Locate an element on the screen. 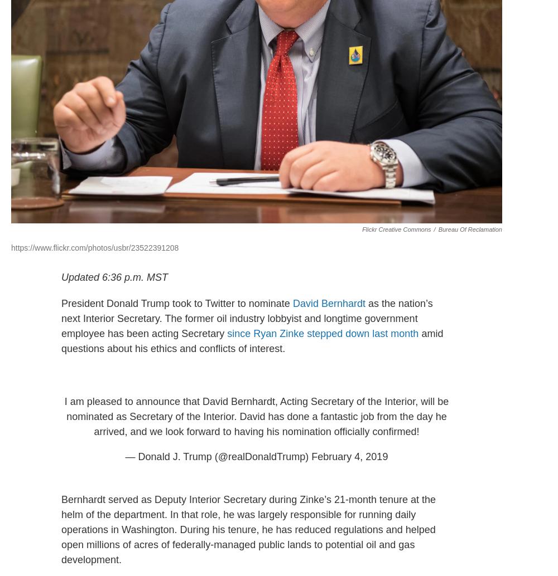 This screenshot has height=576, width=558. 'February 4, 2019' is located at coordinates (349, 456).